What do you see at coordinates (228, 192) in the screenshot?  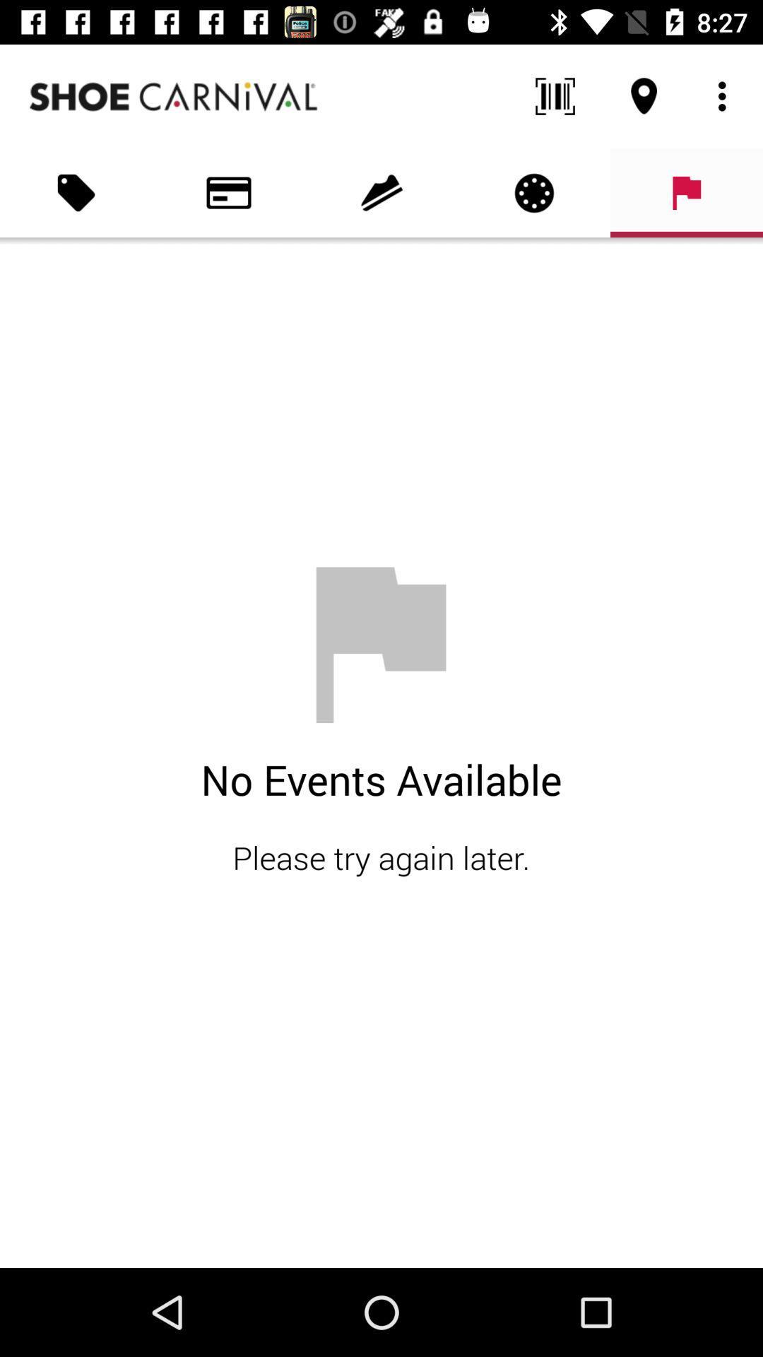 I see `second option in second row` at bounding box center [228, 192].